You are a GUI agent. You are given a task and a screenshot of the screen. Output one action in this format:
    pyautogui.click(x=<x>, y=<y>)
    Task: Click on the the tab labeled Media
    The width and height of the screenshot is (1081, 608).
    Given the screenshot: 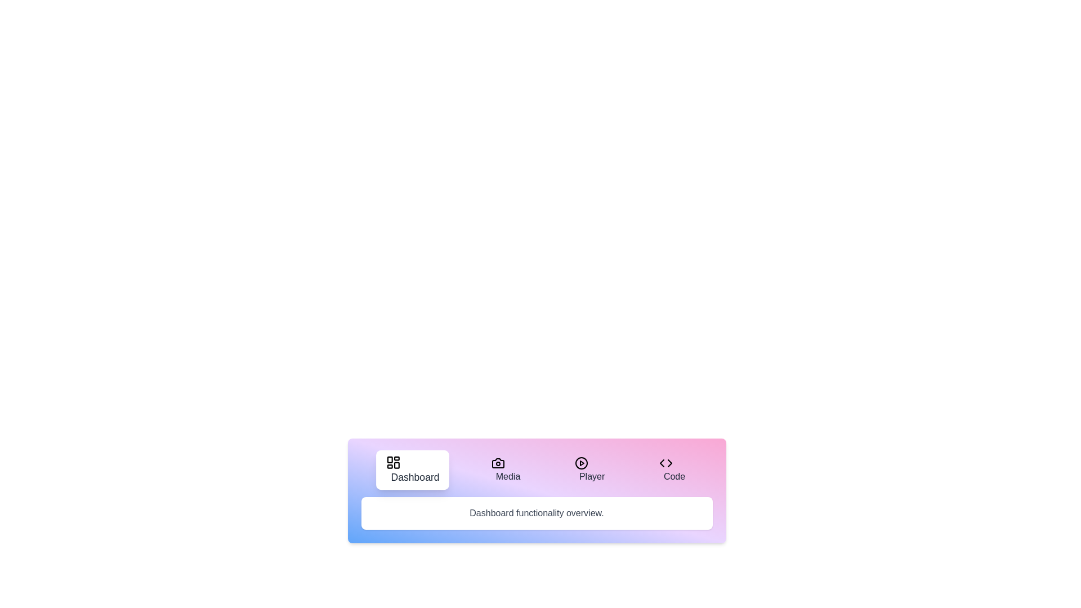 What is the action you would take?
    pyautogui.click(x=505, y=470)
    